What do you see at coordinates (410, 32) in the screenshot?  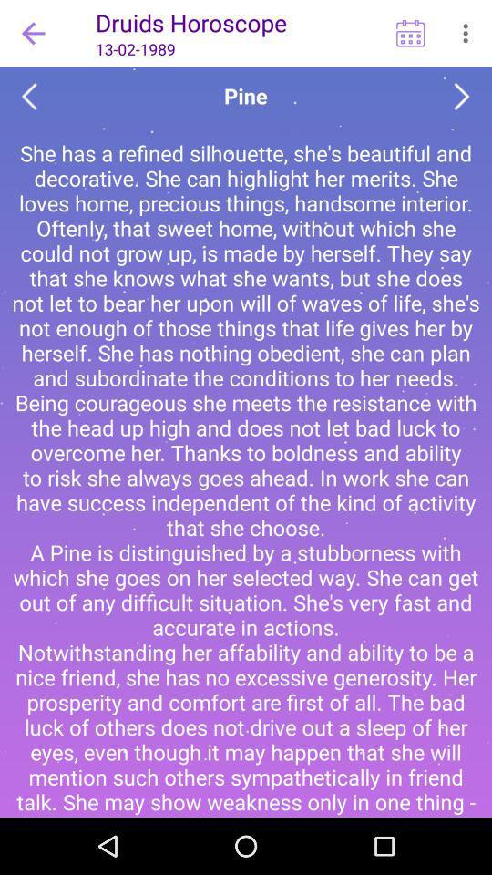 I see `open calendar` at bounding box center [410, 32].